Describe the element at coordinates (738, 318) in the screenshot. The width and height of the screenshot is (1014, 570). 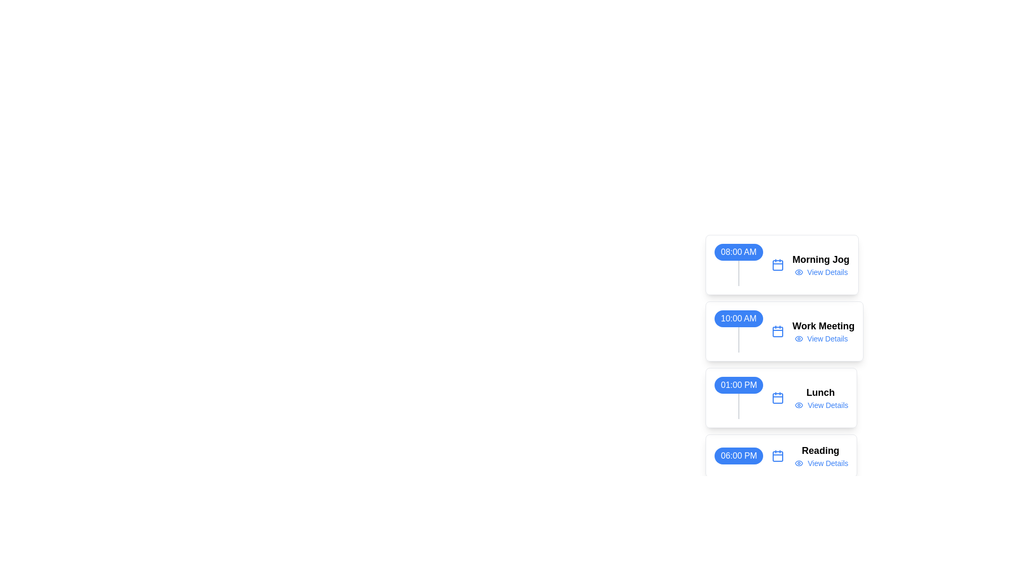
I see `the information displayed on the Time Label showing '10:00 AM', which appears as white text on a blue, rounded rectangular background, part of the vertical timeline layout` at that location.